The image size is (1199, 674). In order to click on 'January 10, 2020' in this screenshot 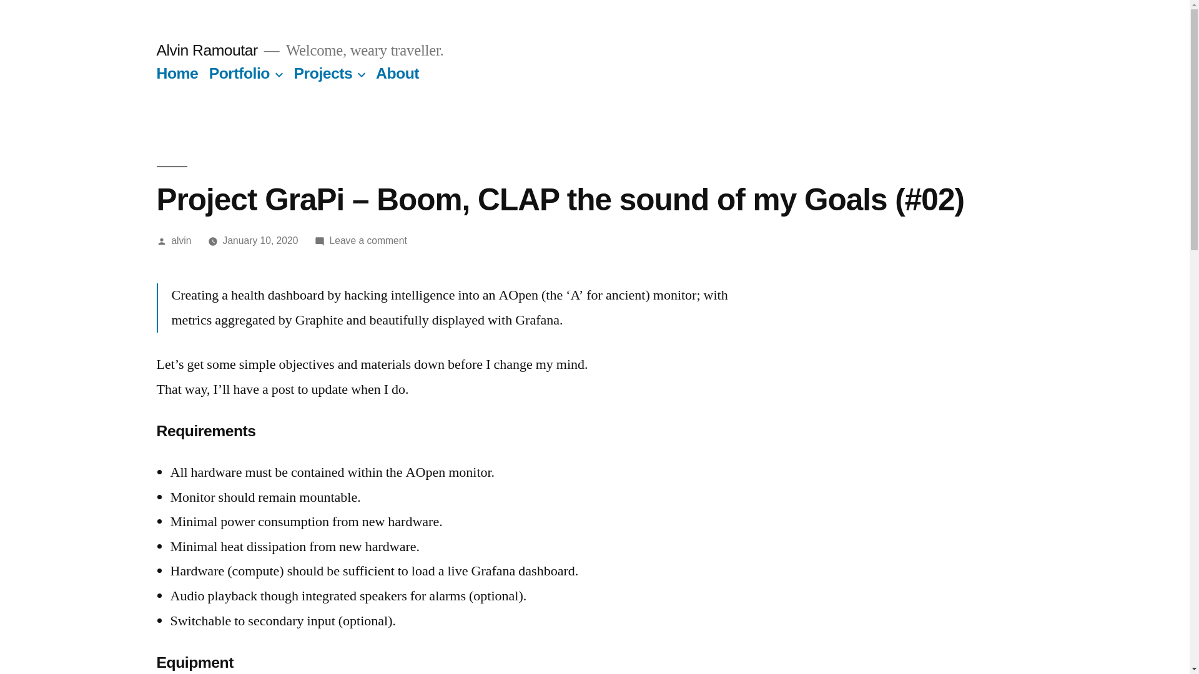, I will do `click(222, 240)`.